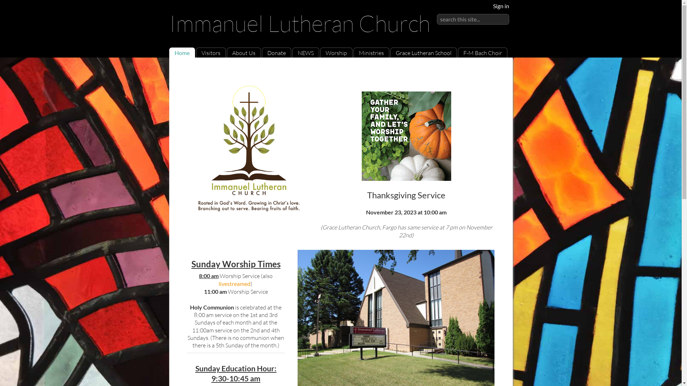 The image size is (687, 386). I want to click on 'livestreamed', so click(234, 283).